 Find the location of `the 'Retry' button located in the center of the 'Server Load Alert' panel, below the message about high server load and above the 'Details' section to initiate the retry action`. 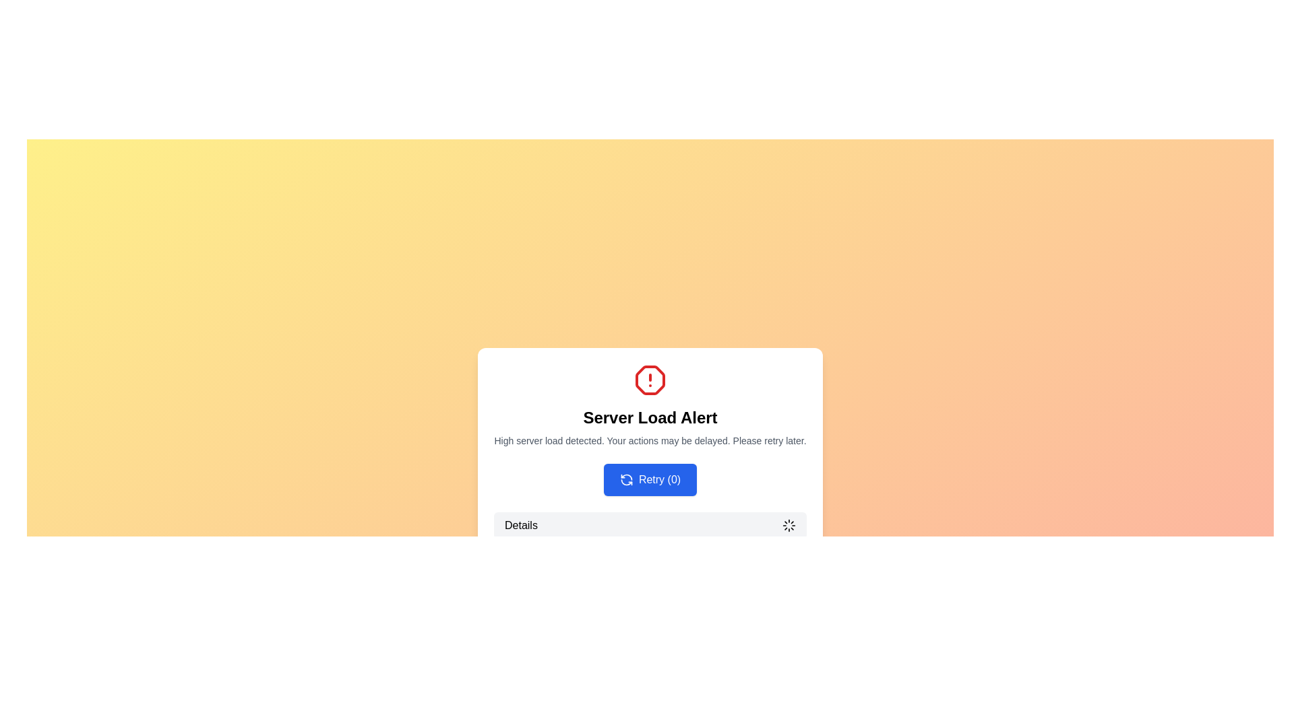

the 'Retry' button located in the center of the 'Server Load Alert' panel, below the message about high server load and above the 'Details' section to initiate the retry action is located at coordinates (650, 479).